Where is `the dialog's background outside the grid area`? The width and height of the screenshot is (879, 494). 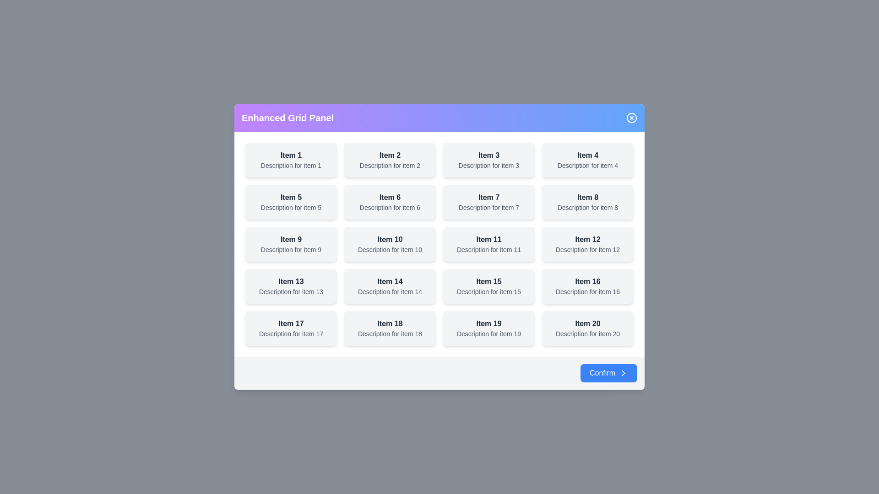
the dialog's background outside the grid area is located at coordinates (45, 46).